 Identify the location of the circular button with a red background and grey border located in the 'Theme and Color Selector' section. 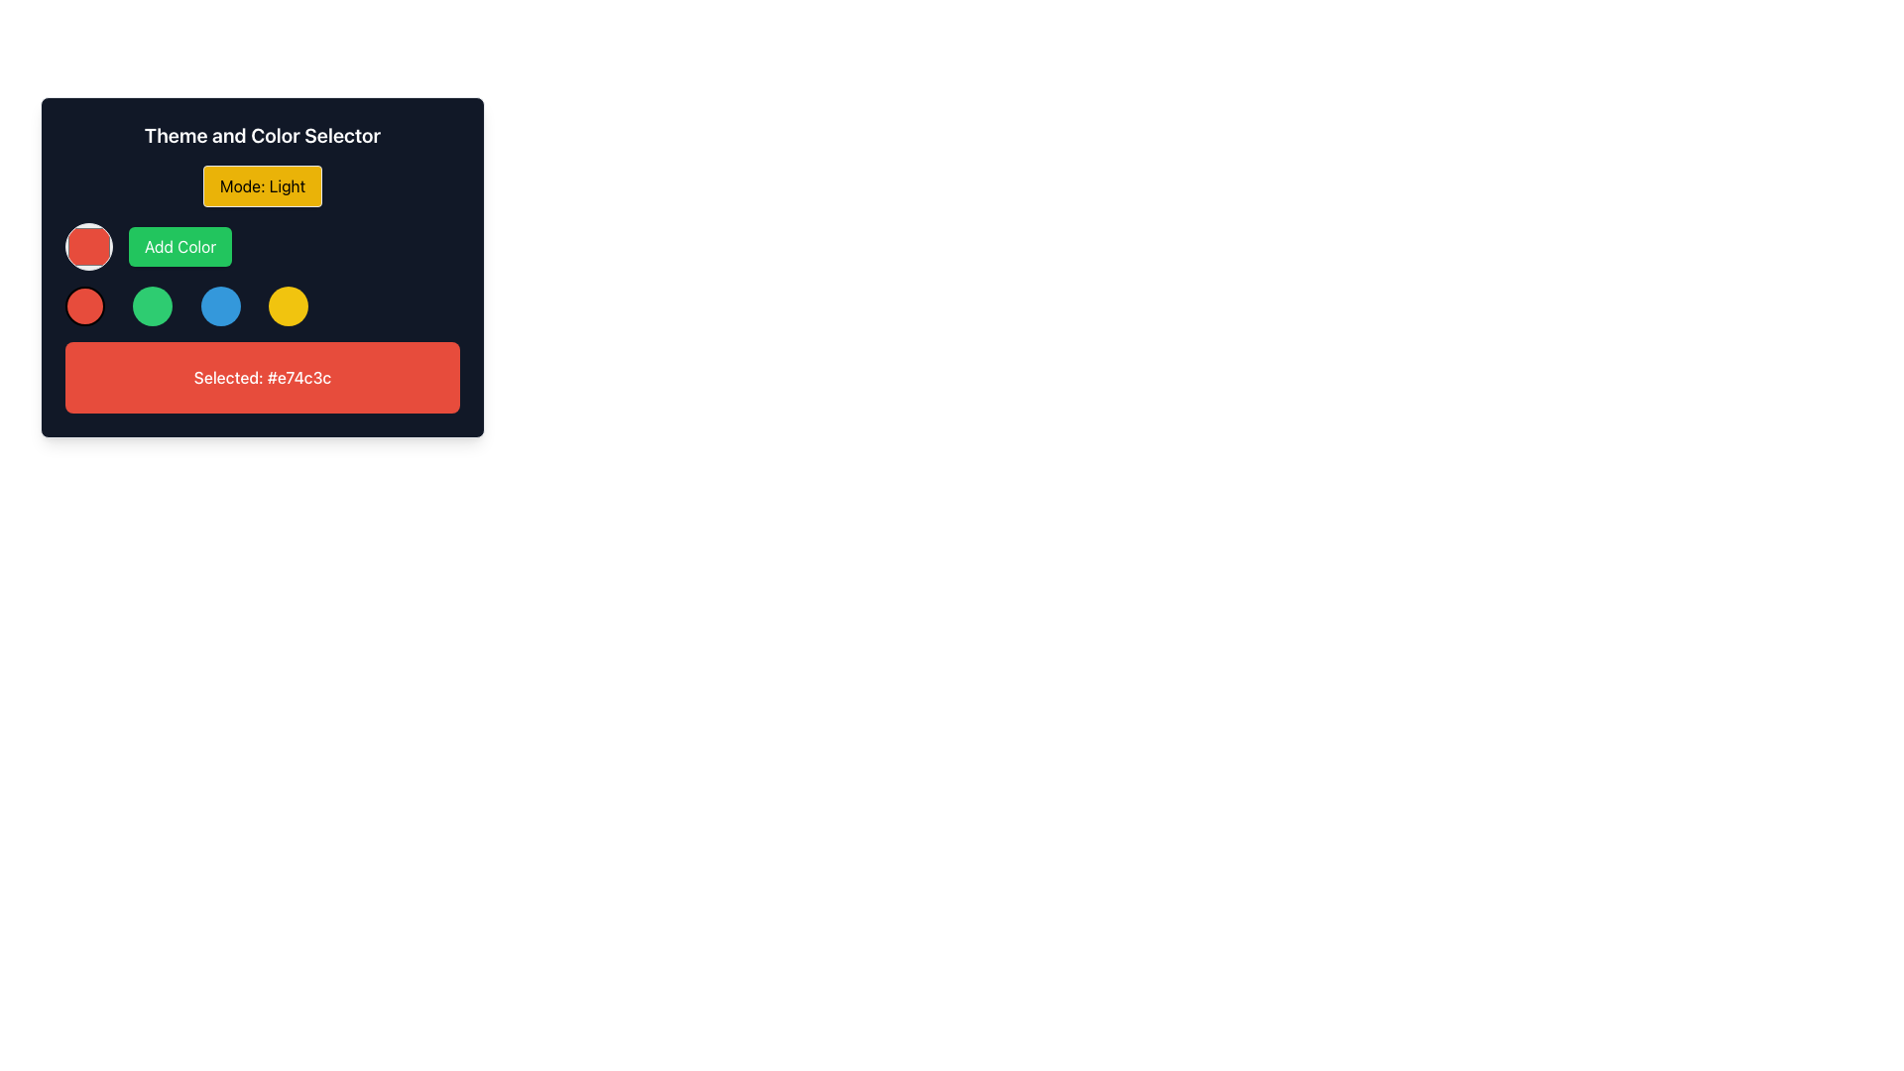
(88, 246).